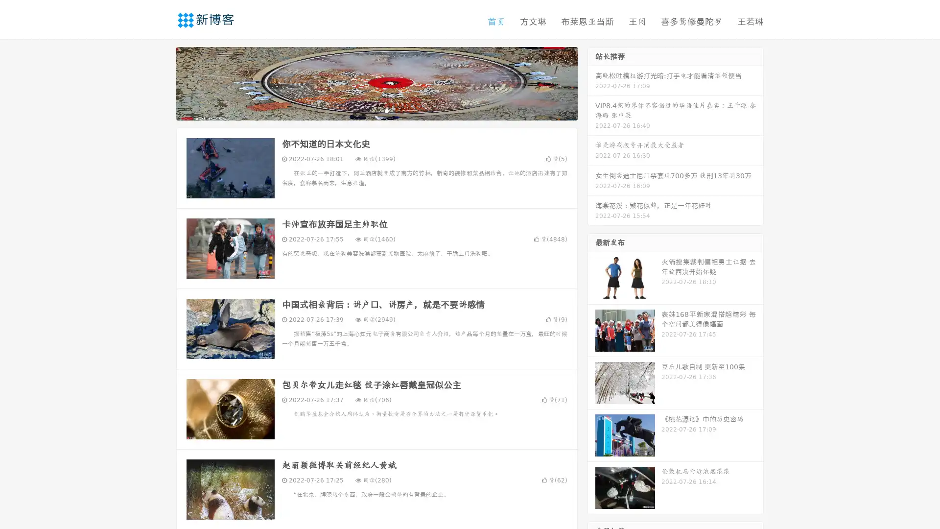  What do you see at coordinates (386, 110) in the screenshot?
I see `Go to slide 3` at bounding box center [386, 110].